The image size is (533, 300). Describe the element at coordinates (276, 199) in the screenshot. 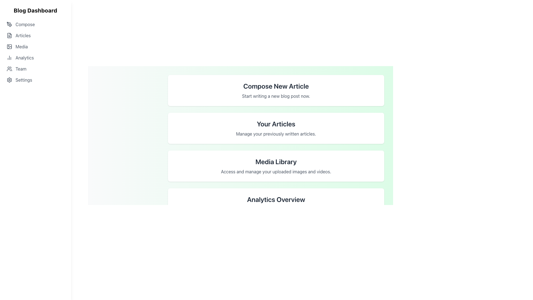

I see `the 'Analytics Overview' text label, which is styled with a bold, large font in dark gray and located at the top of its card with rounded corners` at that location.